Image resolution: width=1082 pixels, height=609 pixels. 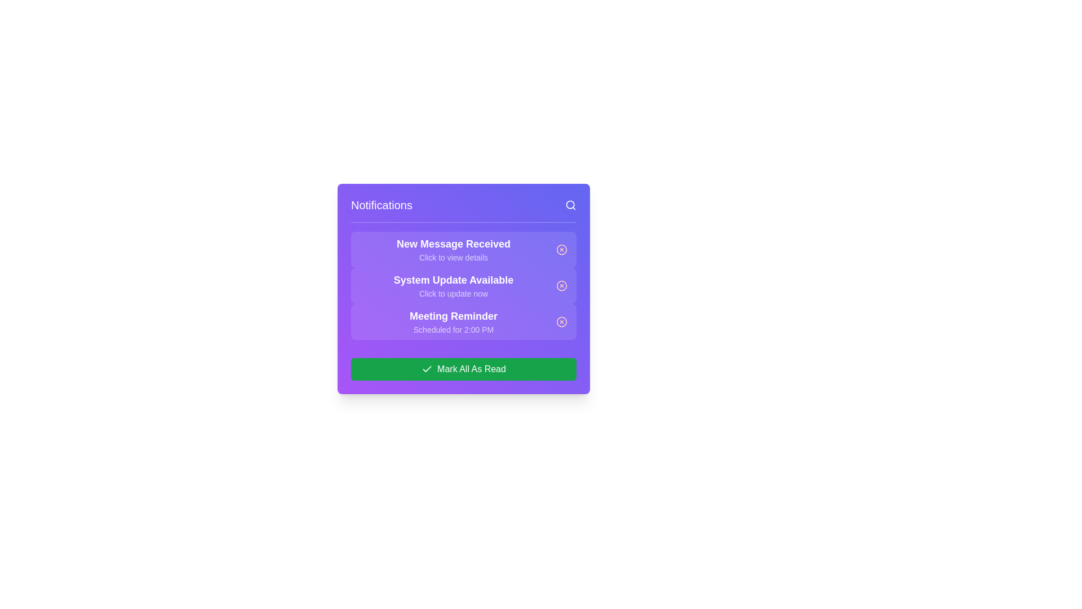 I want to click on text label displaying 'System Update Available' which is bold and large, located in the upper portion of a notification entry within a modal dialog box, so click(x=454, y=280).